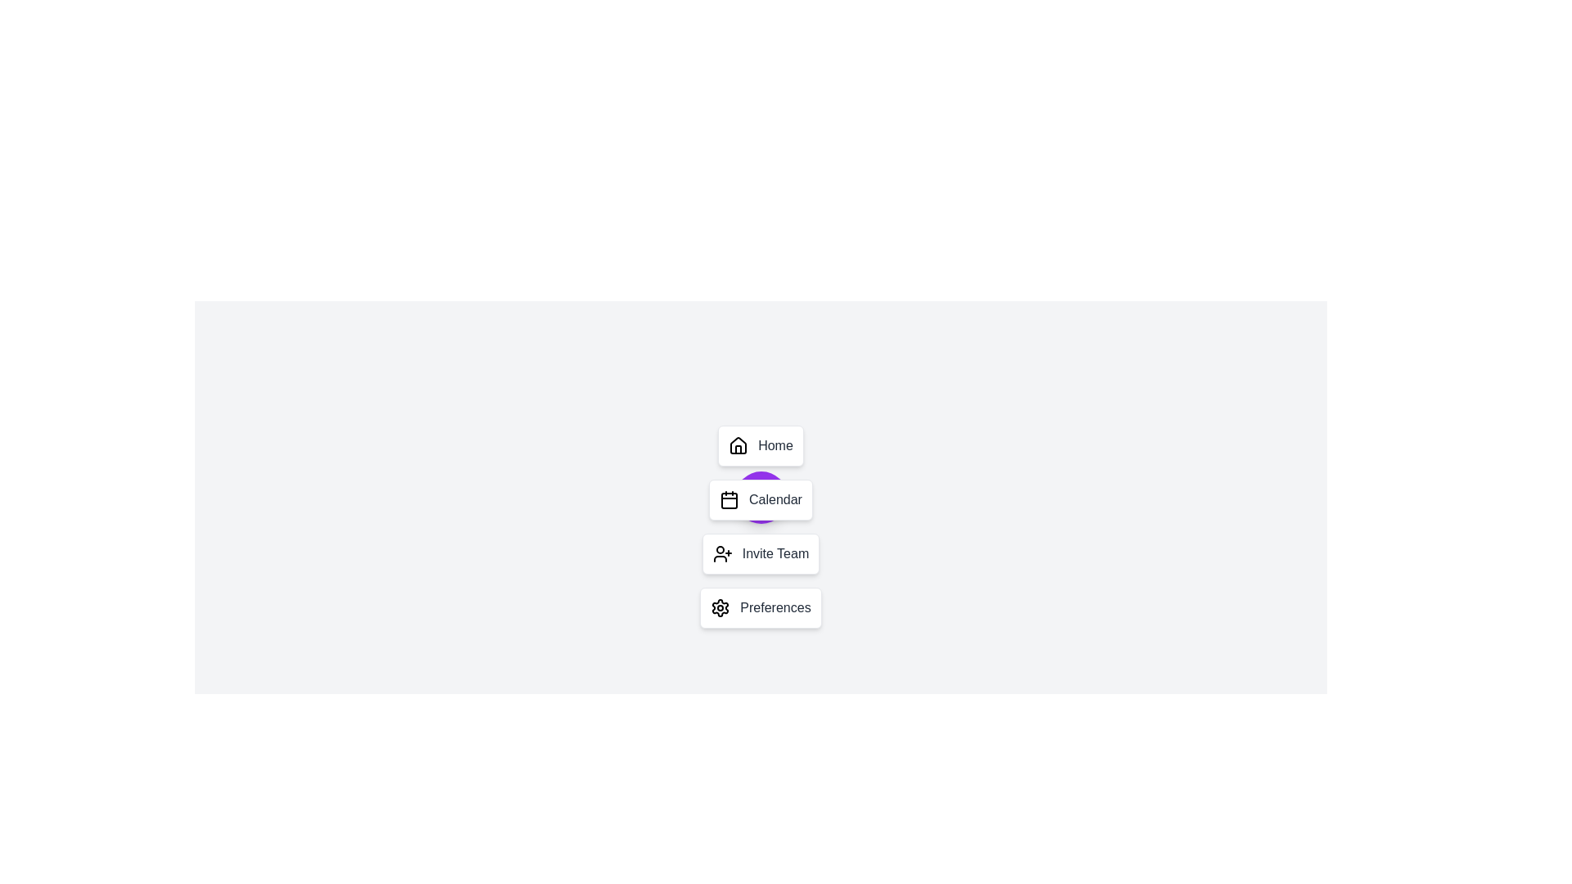 This screenshot has width=1572, height=884. Describe the element at coordinates (729, 498) in the screenshot. I see `the calendar icon, which is styled with a black outline and two vertical lines at the top` at that location.